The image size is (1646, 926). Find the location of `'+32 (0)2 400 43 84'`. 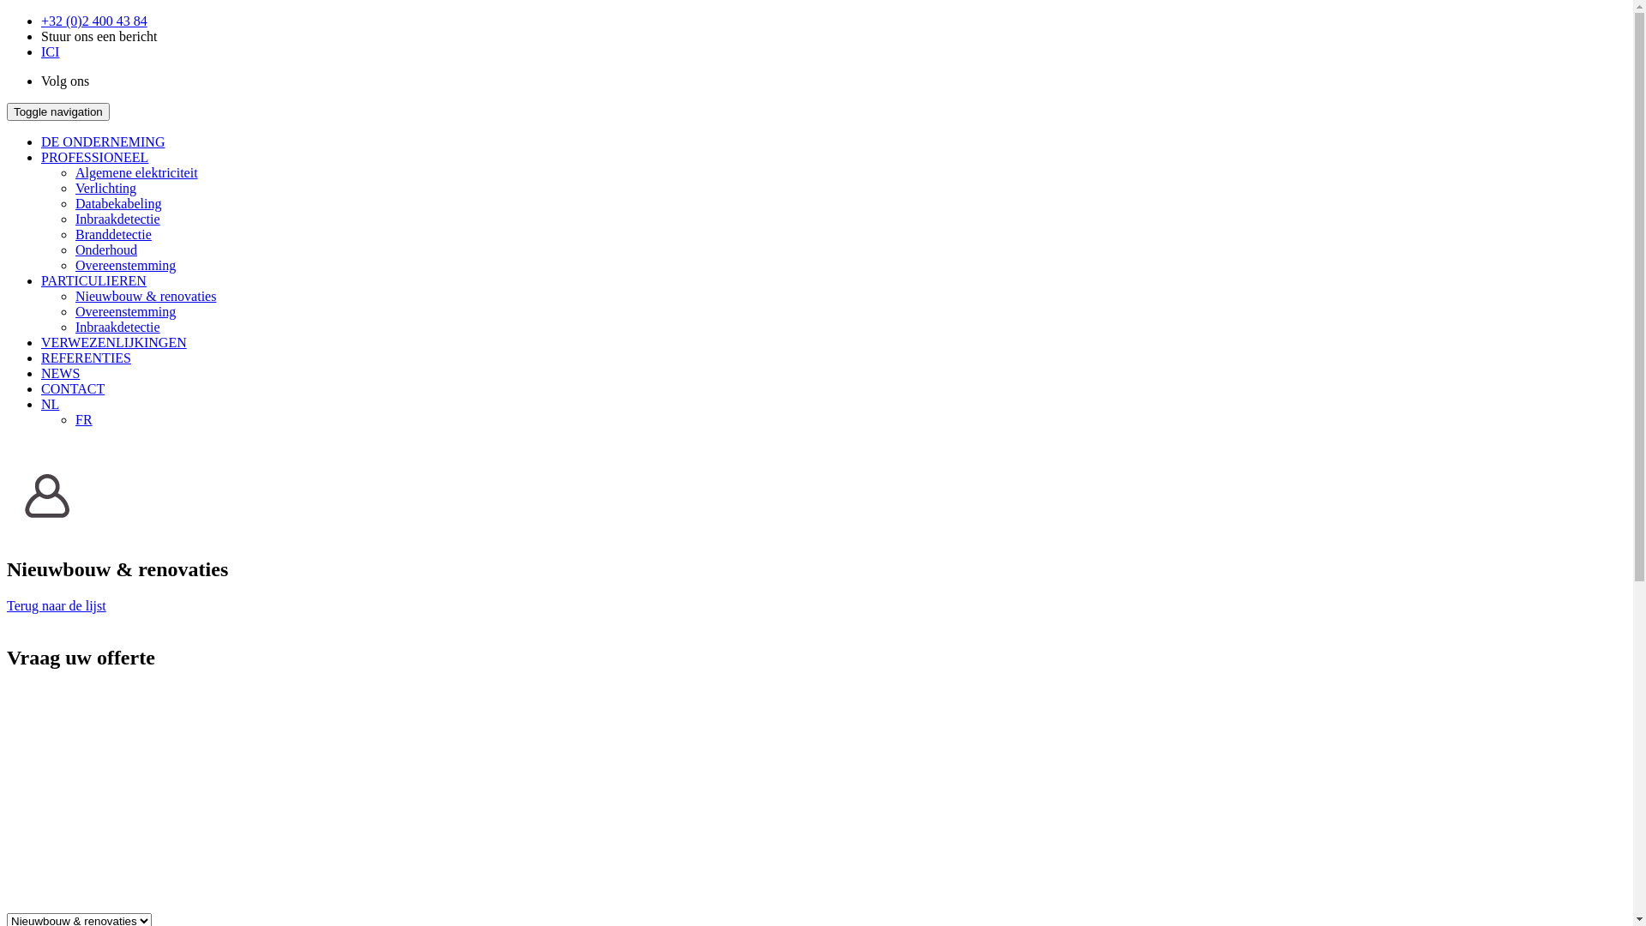

'+32 (0)2 400 43 84' is located at coordinates (93, 21).